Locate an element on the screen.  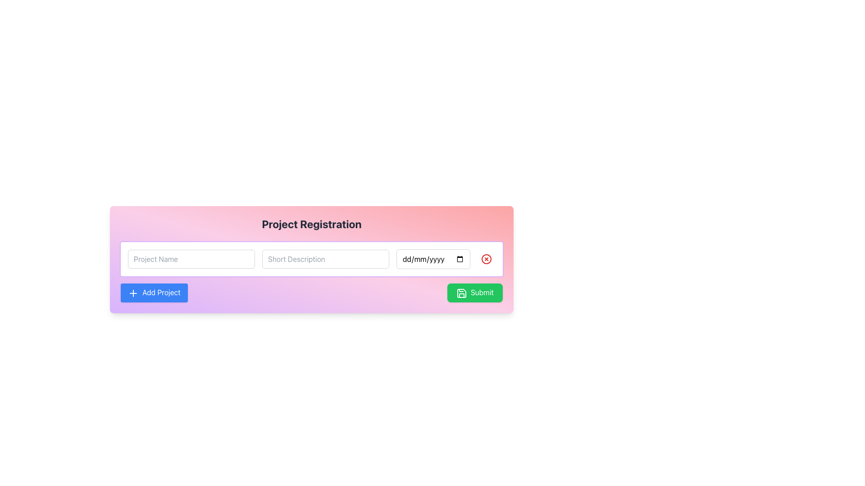
the icon embedded in the green 'Submit' button, which indicates the action of submitting data or saving progress is located at coordinates (461, 293).